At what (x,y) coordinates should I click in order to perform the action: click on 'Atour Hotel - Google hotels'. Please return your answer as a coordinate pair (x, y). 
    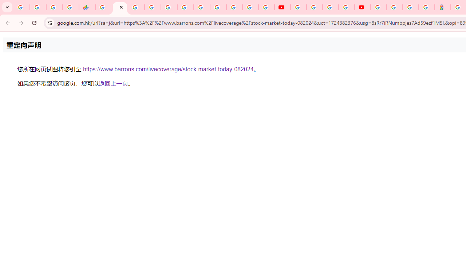
    Looking at the image, I should click on (442, 7).